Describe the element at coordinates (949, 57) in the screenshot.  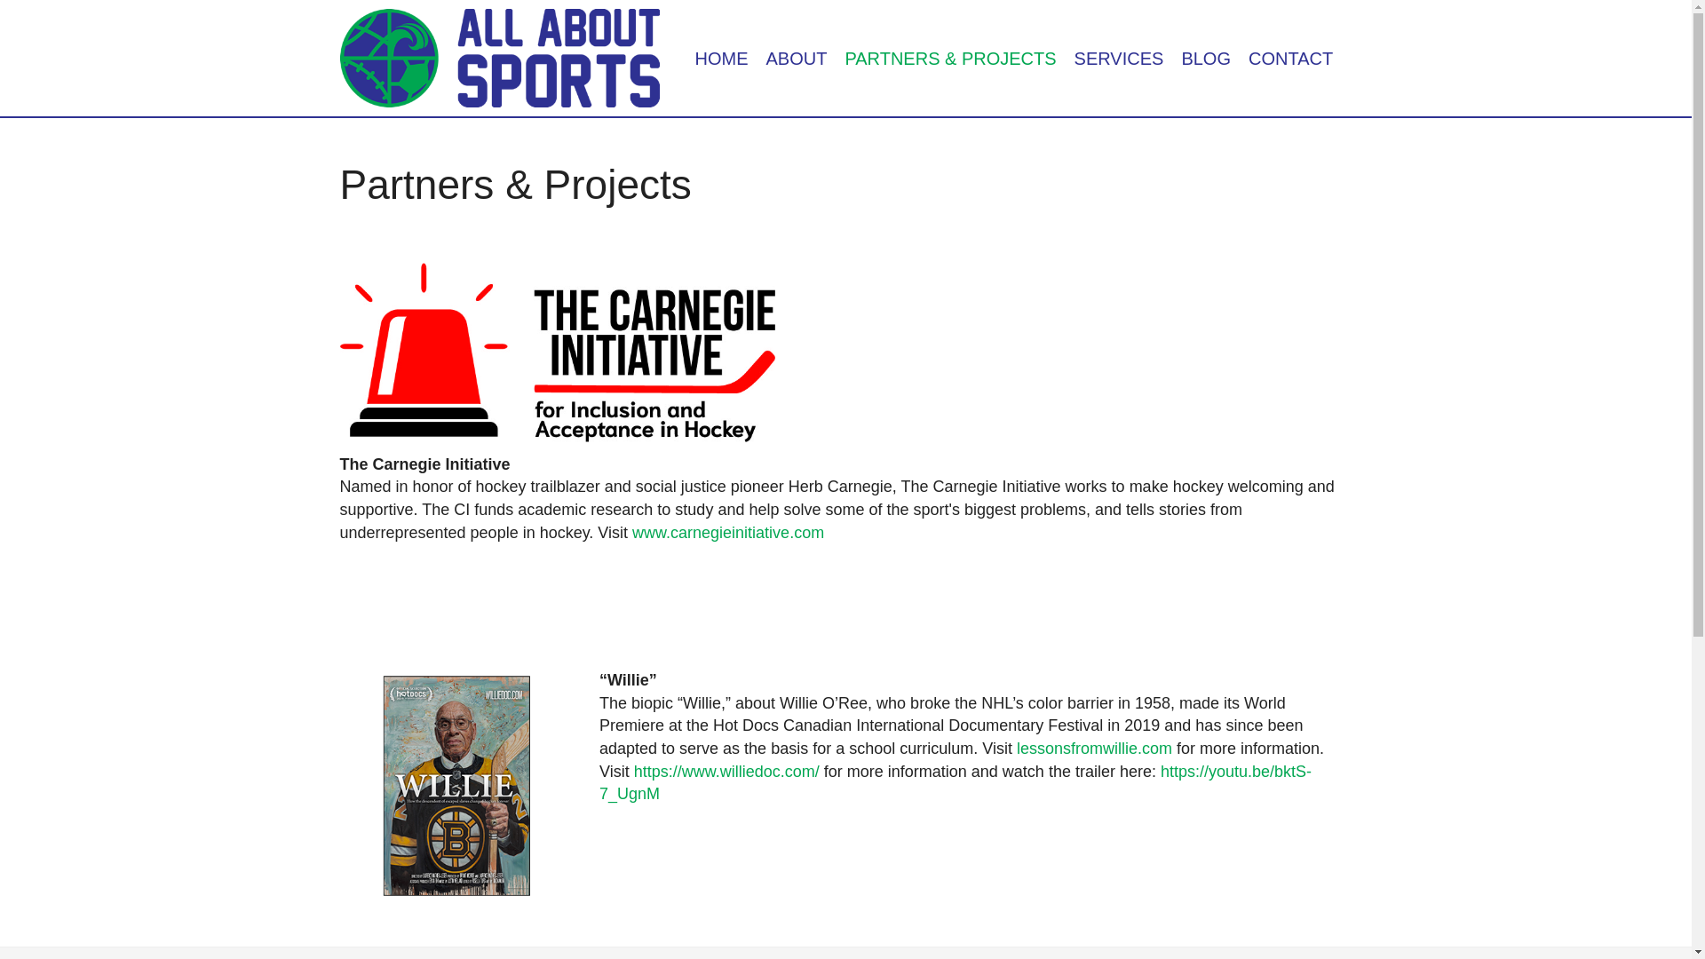
I see `'PARTNERS & PROJECTS'` at that location.